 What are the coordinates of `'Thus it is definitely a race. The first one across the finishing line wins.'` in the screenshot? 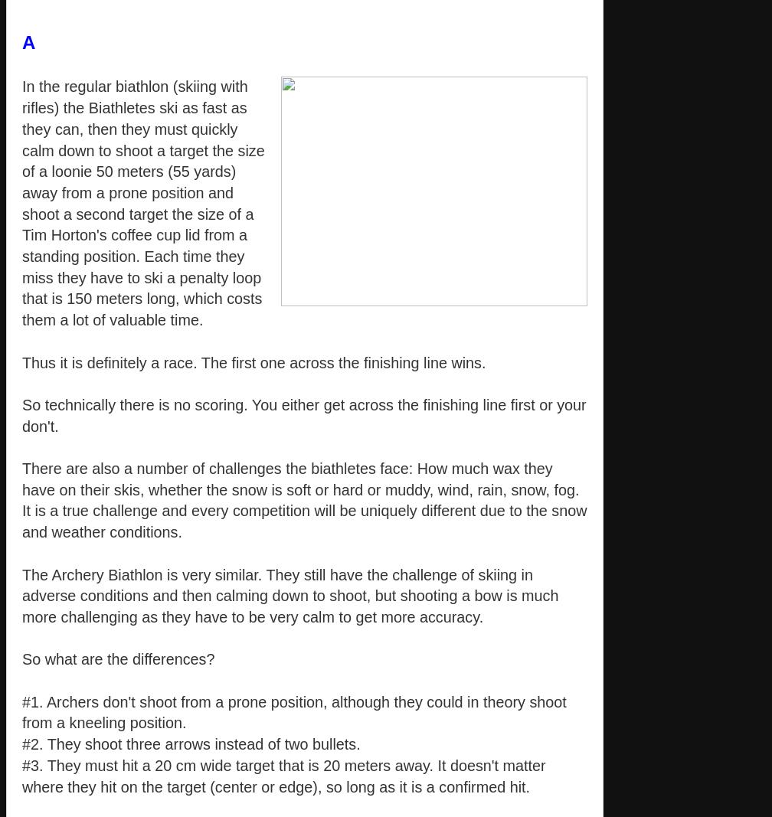 It's located at (254, 361).